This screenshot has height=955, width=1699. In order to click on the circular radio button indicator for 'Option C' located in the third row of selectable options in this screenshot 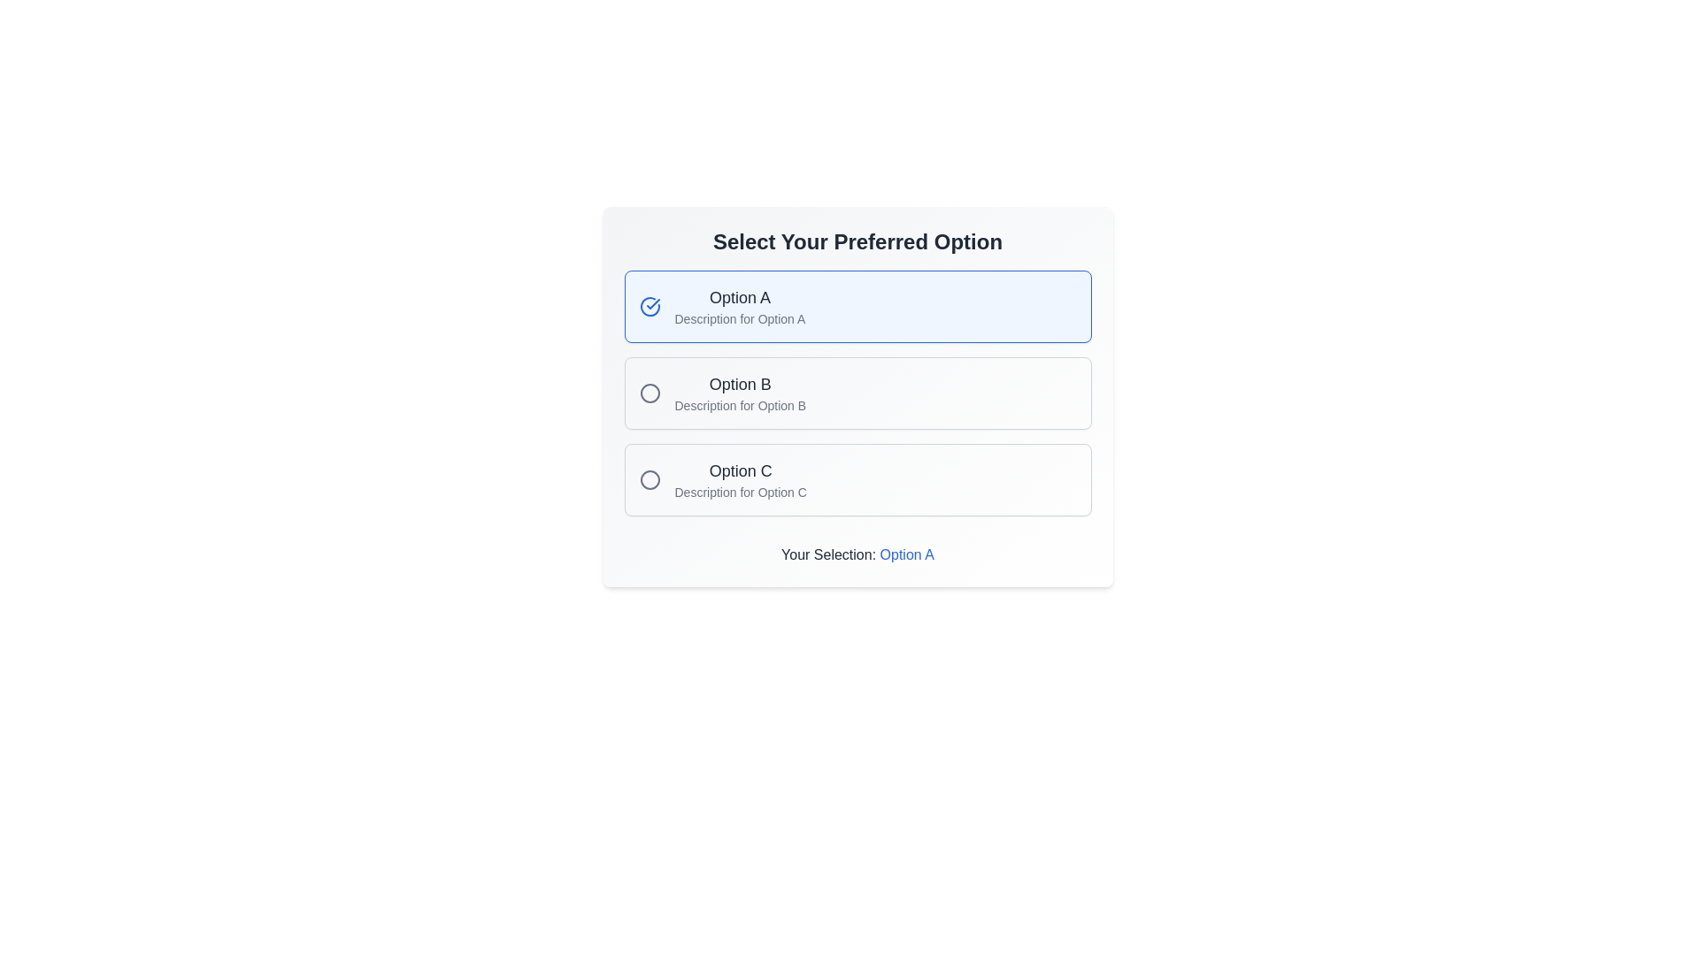, I will do `click(649, 480)`.